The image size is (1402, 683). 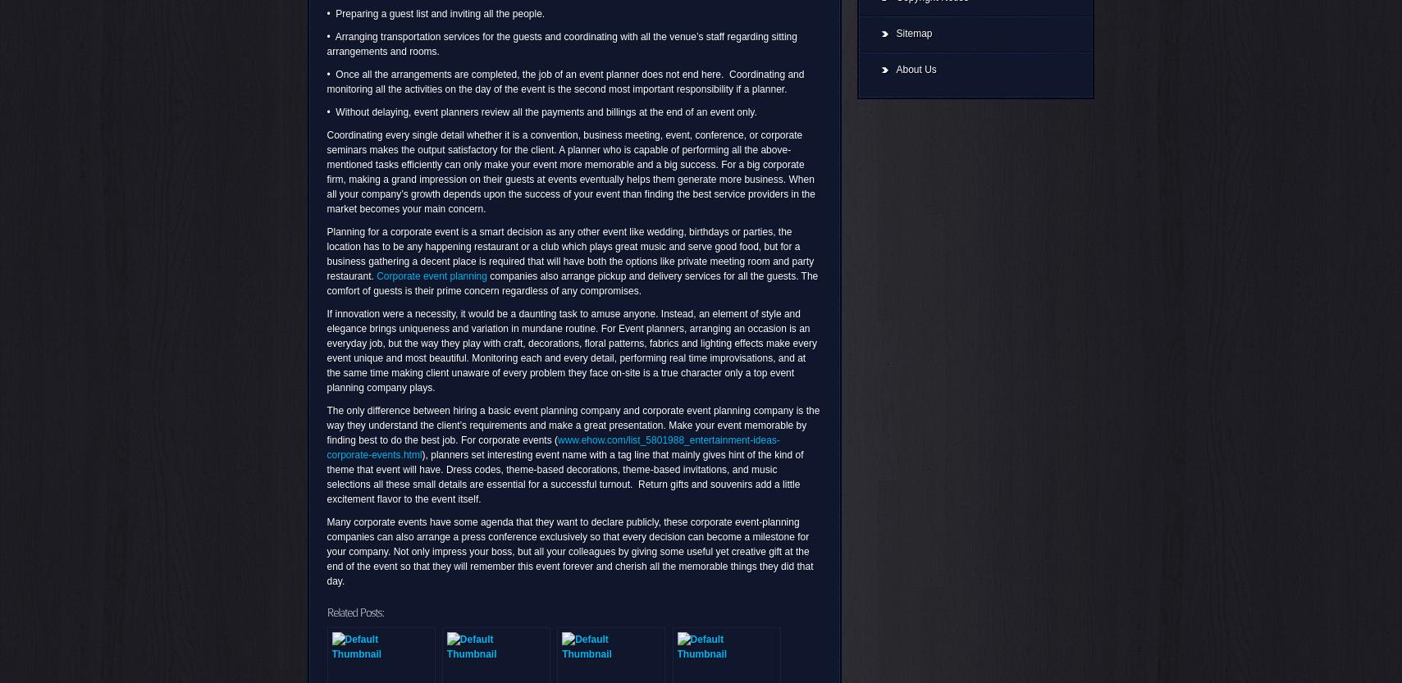 I want to click on '•  Once all the arrangements are completed, the job of an event planner does not end here.  Coordinating and monitoring all the activities on the day of the event is the second most important responsibility if a planner.', so click(x=564, y=80).